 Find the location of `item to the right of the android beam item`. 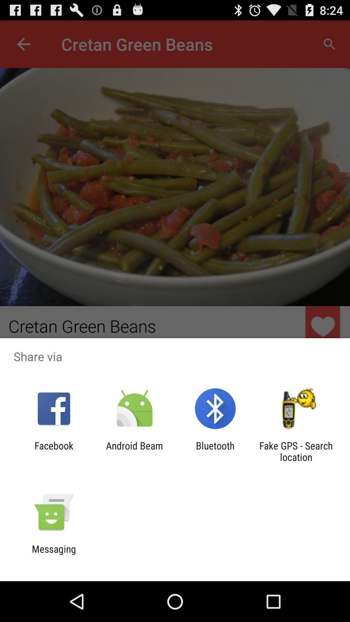

item to the right of the android beam item is located at coordinates (215, 451).